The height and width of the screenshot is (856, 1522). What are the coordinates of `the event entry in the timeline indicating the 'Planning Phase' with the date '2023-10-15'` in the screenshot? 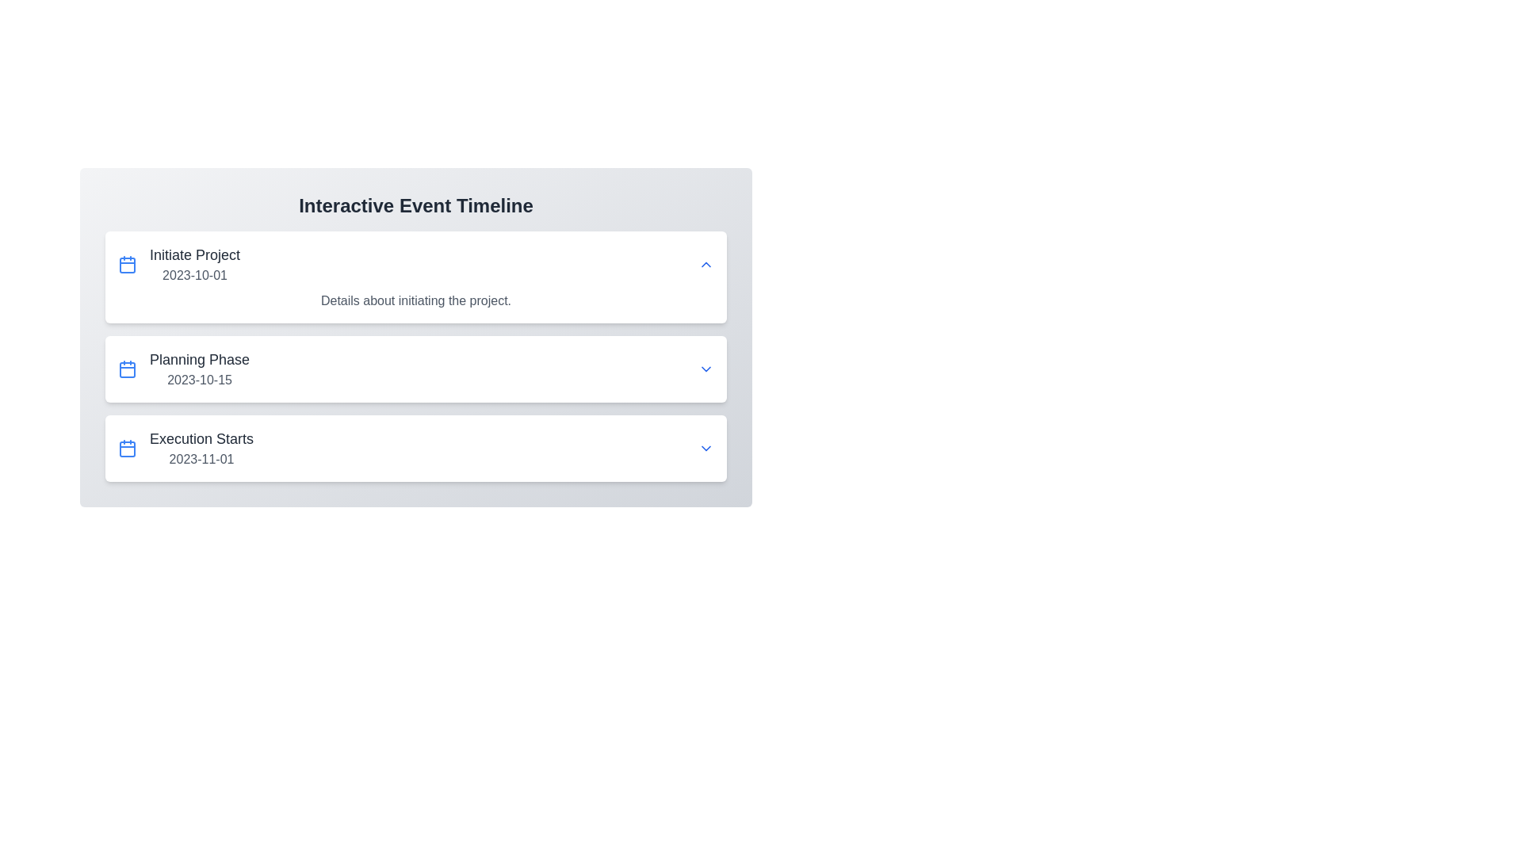 It's located at (199, 369).